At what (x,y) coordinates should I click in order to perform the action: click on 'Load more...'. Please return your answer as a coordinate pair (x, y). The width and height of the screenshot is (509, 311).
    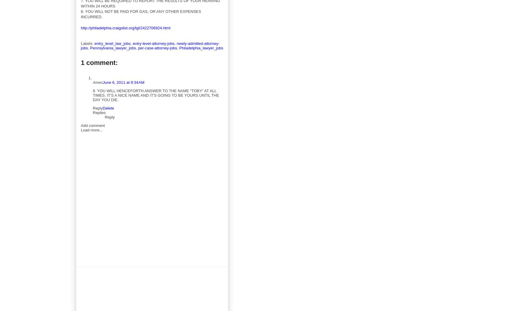
    Looking at the image, I should click on (92, 129).